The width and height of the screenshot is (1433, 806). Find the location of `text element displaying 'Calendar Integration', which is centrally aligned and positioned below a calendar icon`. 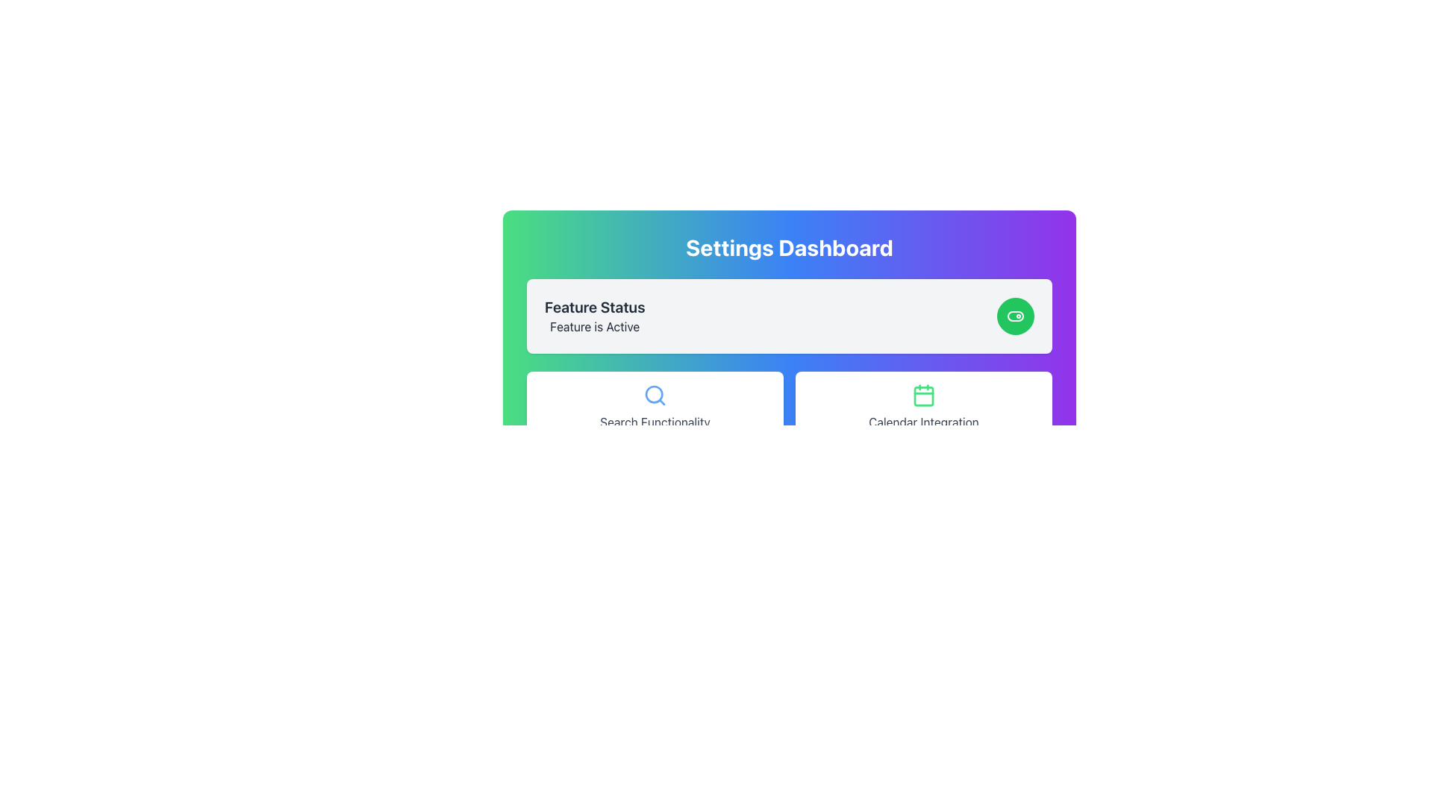

text element displaying 'Calendar Integration', which is centrally aligned and positioned below a calendar icon is located at coordinates (923, 422).